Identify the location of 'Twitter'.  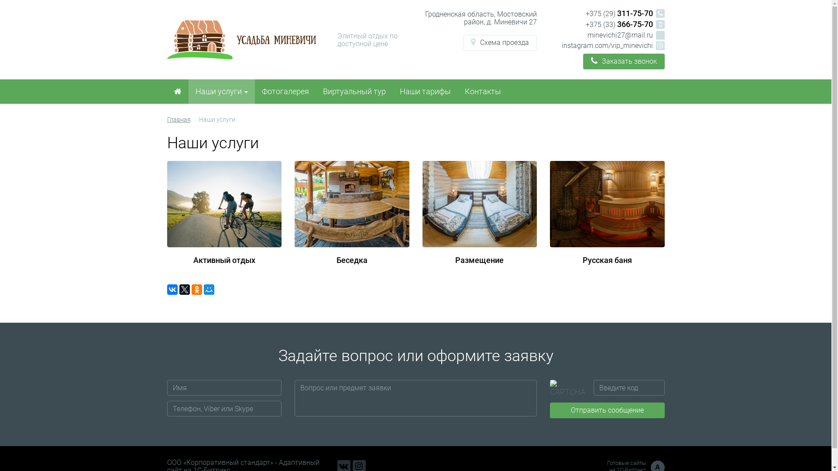
(184, 289).